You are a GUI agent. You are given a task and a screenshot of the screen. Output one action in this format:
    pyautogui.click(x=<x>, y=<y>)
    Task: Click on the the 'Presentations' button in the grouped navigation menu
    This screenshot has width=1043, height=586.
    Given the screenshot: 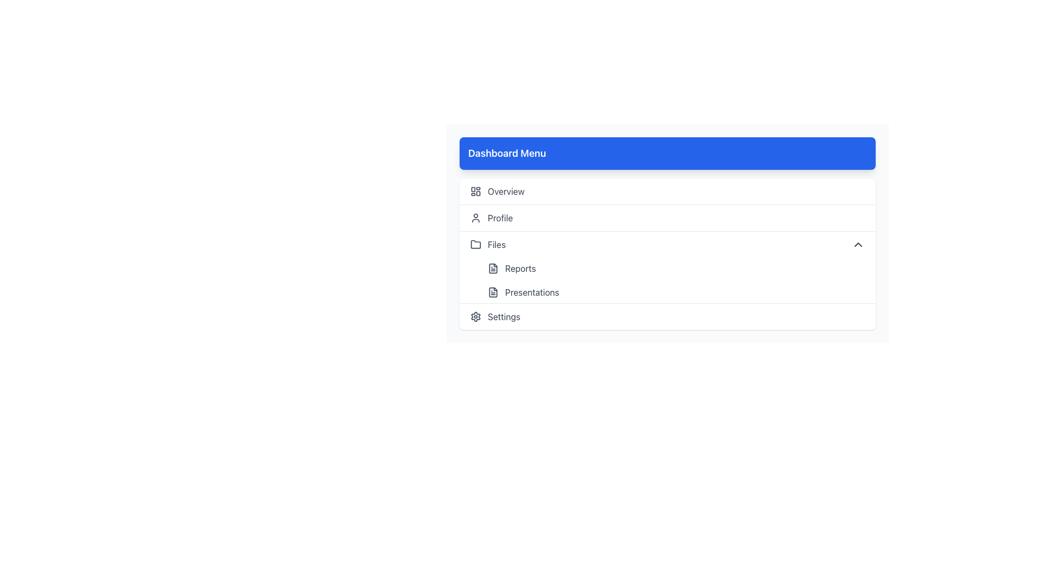 What is the action you would take?
    pyautogui.click(x=667, y=279)
    